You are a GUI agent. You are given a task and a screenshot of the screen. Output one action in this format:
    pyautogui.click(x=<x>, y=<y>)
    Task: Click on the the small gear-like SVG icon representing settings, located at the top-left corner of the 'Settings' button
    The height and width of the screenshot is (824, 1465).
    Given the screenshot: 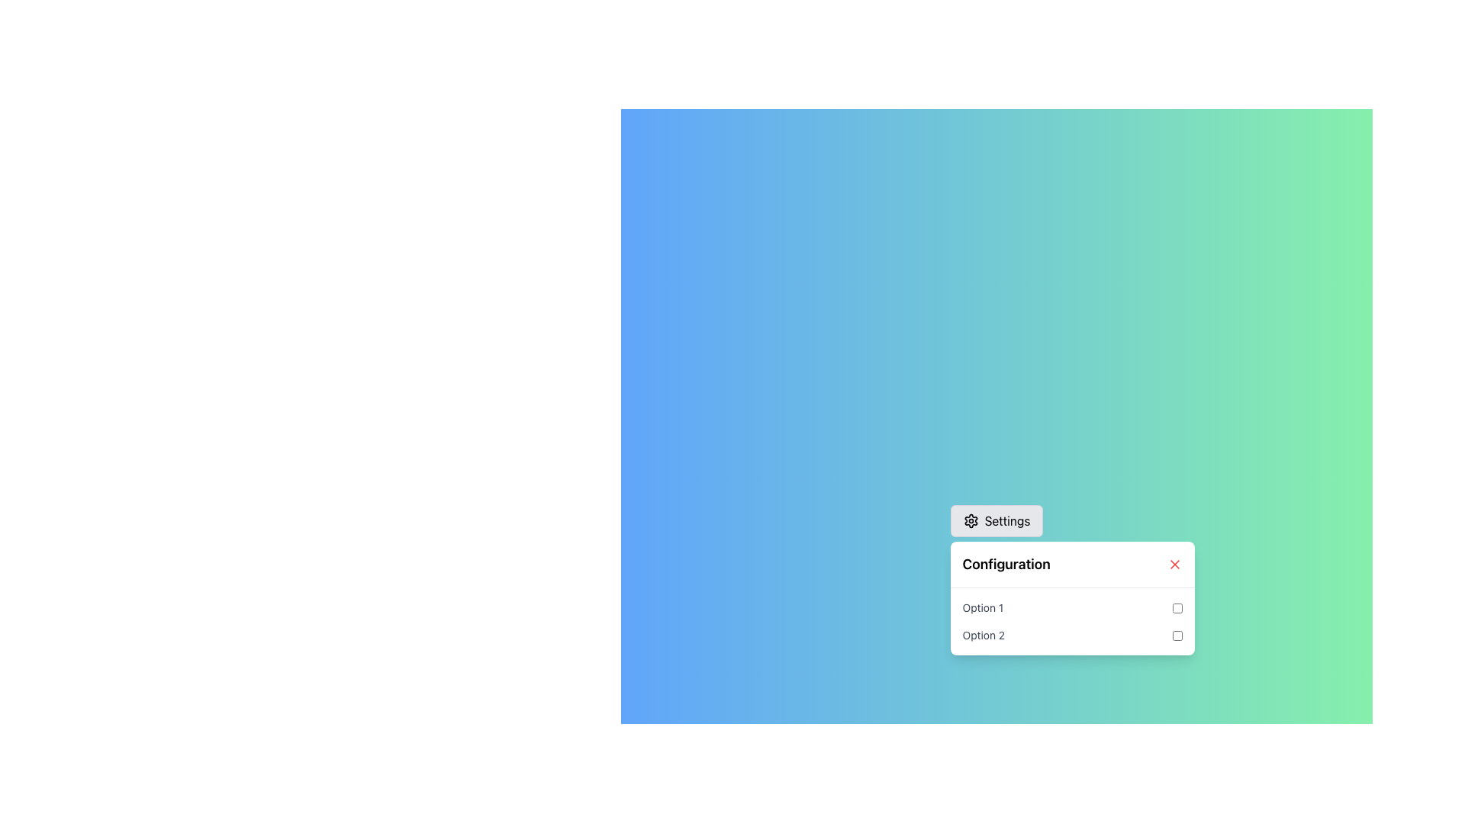 What is the action you would take?
    pyautogui.click(x=970, y=520)
    